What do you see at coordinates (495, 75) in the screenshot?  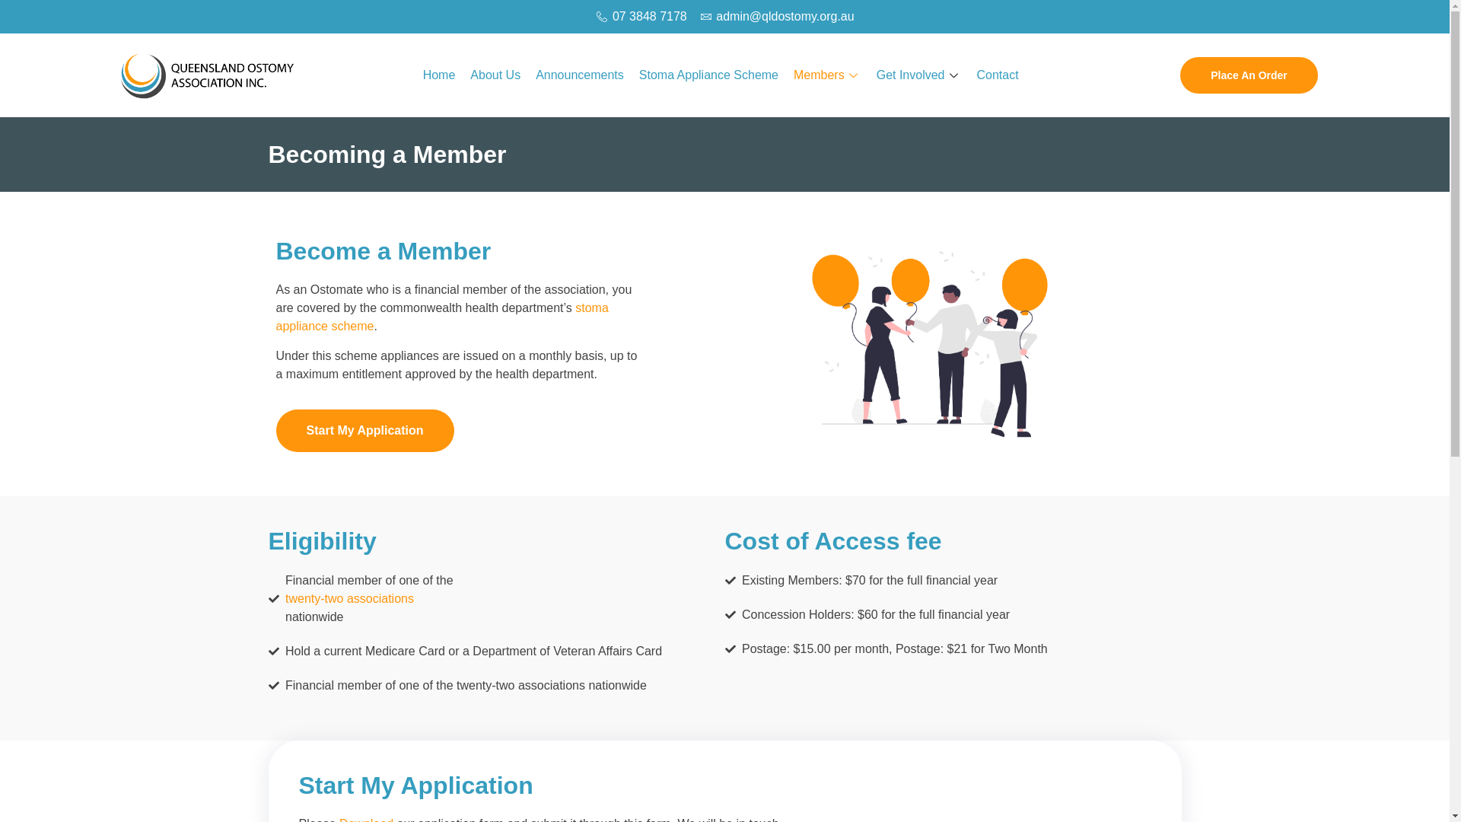 I see `'About Us'` at bounding box center [495, 75].